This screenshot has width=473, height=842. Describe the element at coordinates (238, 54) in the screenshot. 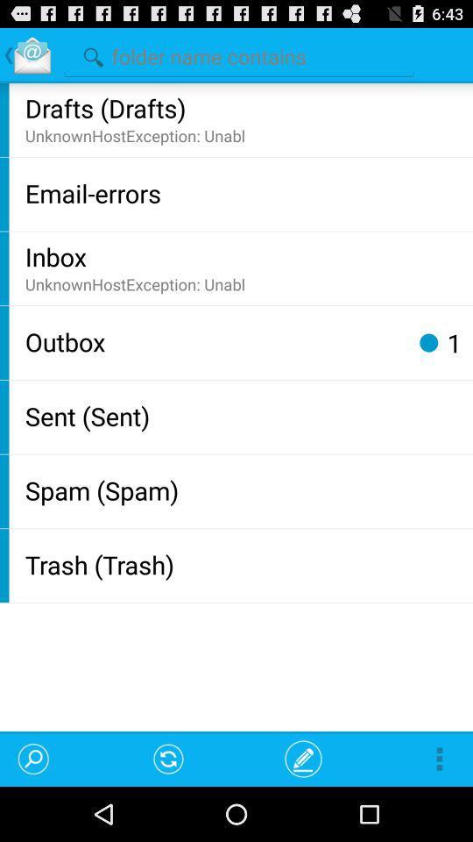

I see `search folders` at that location.